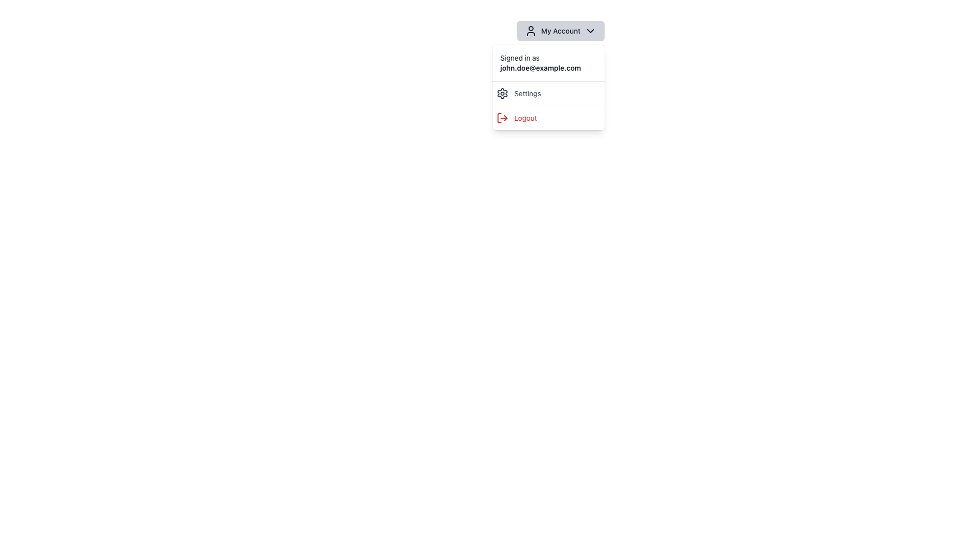  I want to click on the logout button located at the bottom of the user menu dropdown, so click(548, 117).